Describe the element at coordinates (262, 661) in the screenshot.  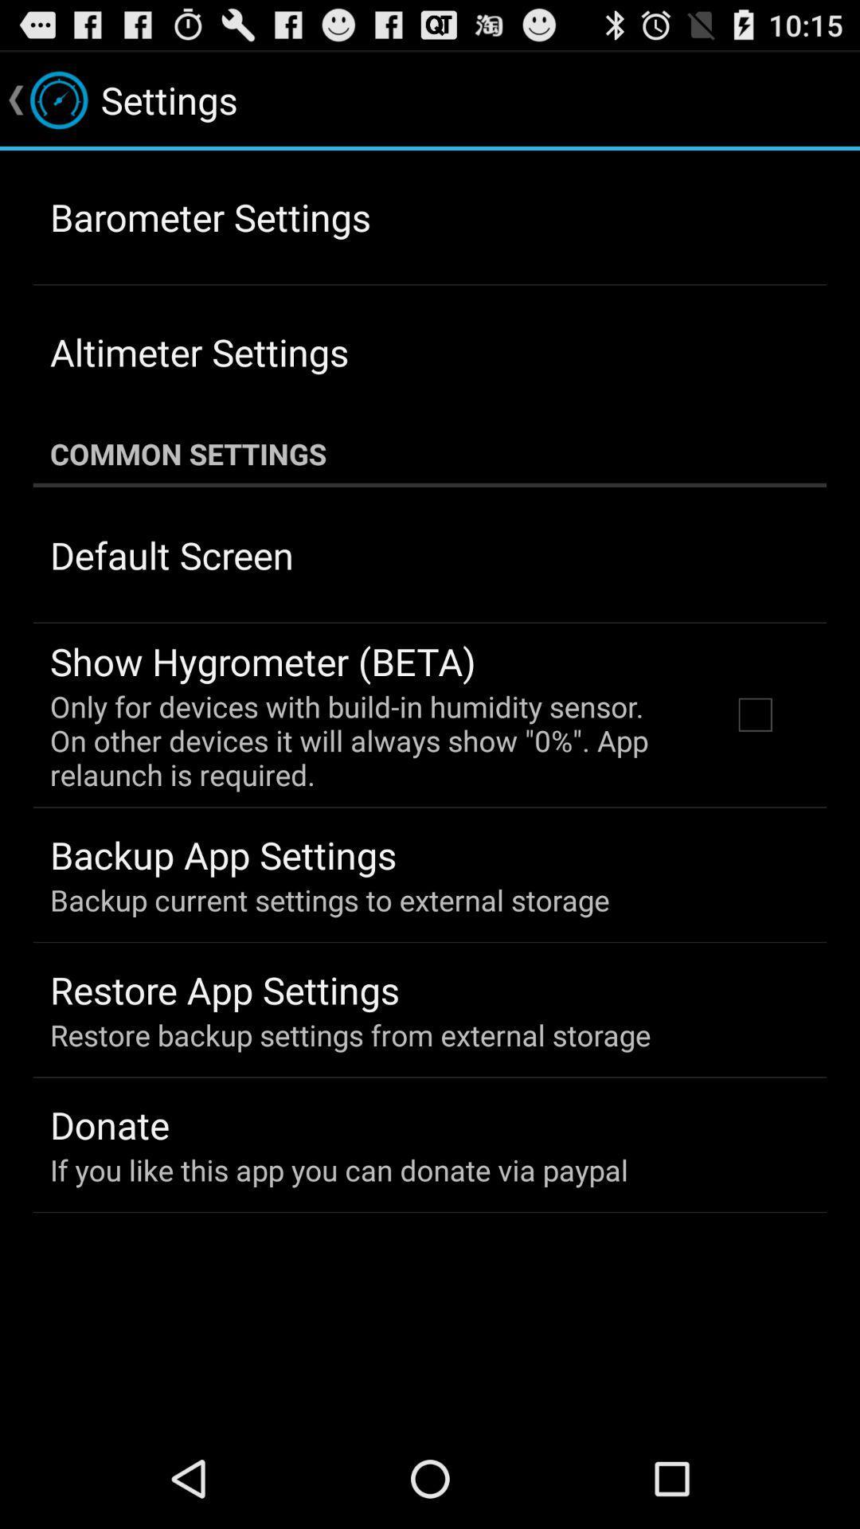
I see `show hygrometer (beta)` at that location.